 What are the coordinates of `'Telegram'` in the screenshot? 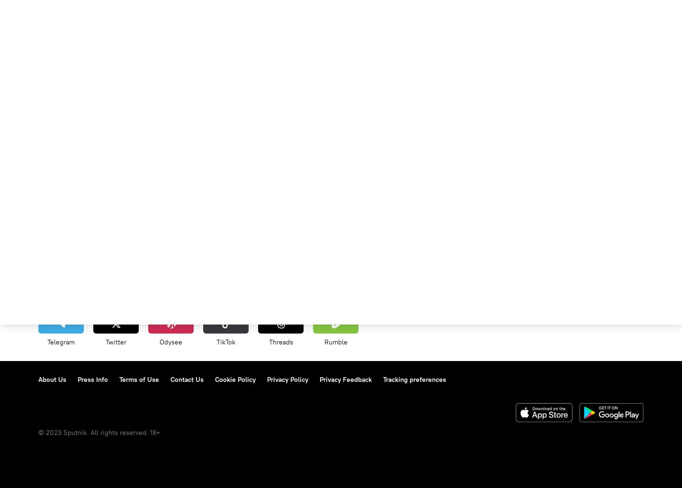 It's located at (61, 342).